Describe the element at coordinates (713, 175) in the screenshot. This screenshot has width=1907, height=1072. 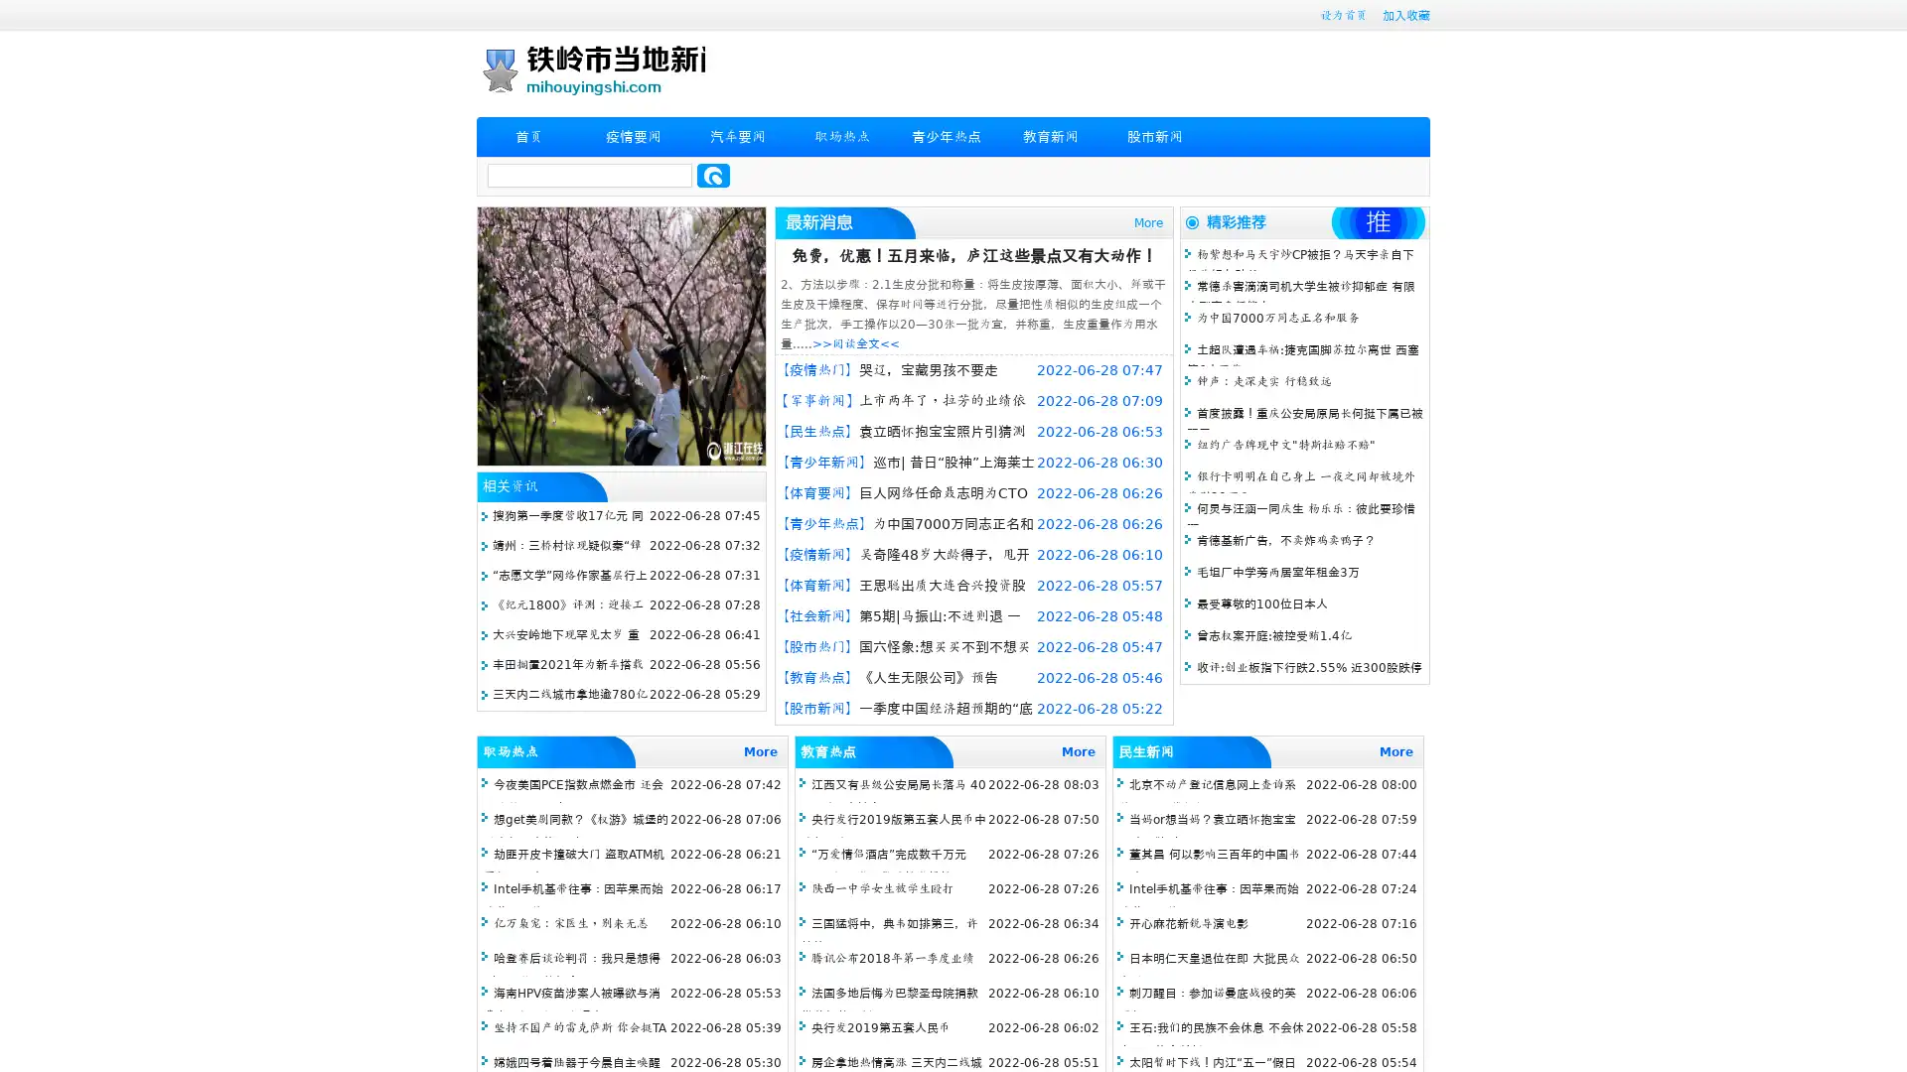
I see `Search` at that location.